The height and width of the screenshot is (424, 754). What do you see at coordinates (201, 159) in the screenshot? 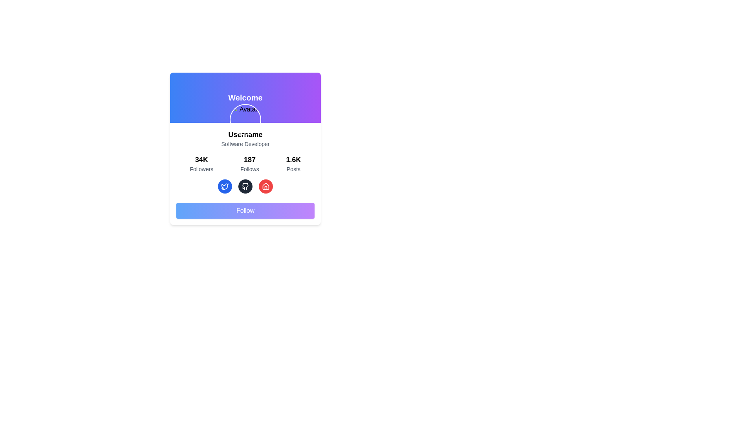
I see `the text label indicating the number of followers associated with a specific user profile, located above the text 'Followers'` at bounding box center [201, 159].